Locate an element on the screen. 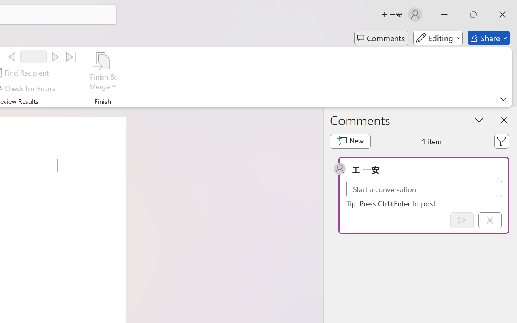 This screenshot has height=323, width=517. 'Last' is located at coordinates (71, 57).